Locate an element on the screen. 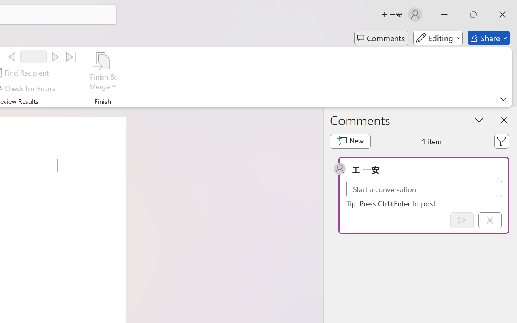 This screenshot has height=323, width=517. 'Last' is located at coordinates (71, 57).